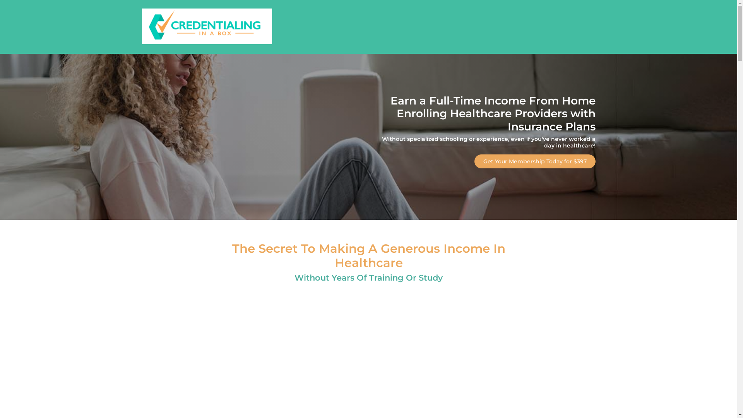  Describe the element at coordinates (534, 161) in the screenshot. I see `'Get Your Membership Today for $397'` at that location.